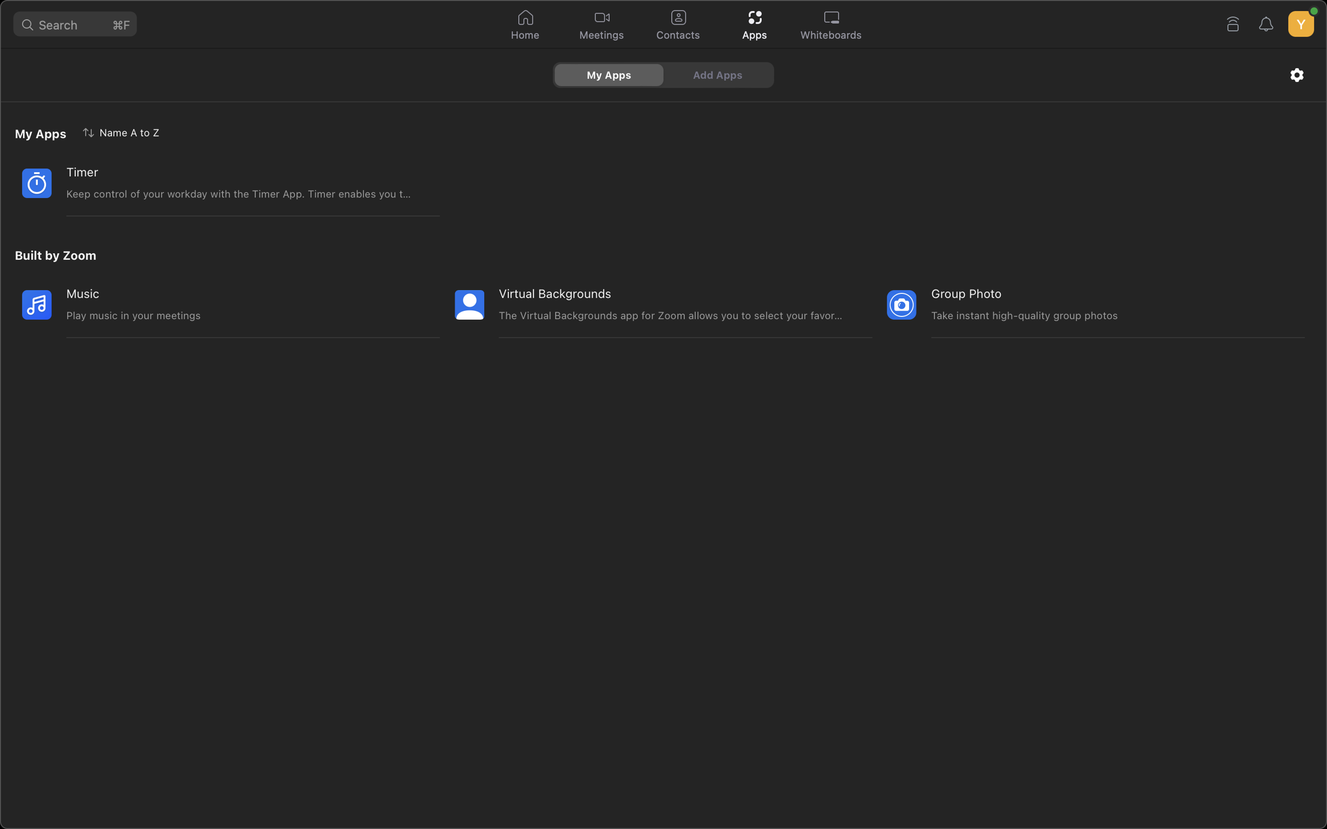 The image size is (1327, 829). What do you see at coordinates (719, 74) in the screenshot?
I see `Hit the key to incorporate additional apps` at bounding box center [719, 74].